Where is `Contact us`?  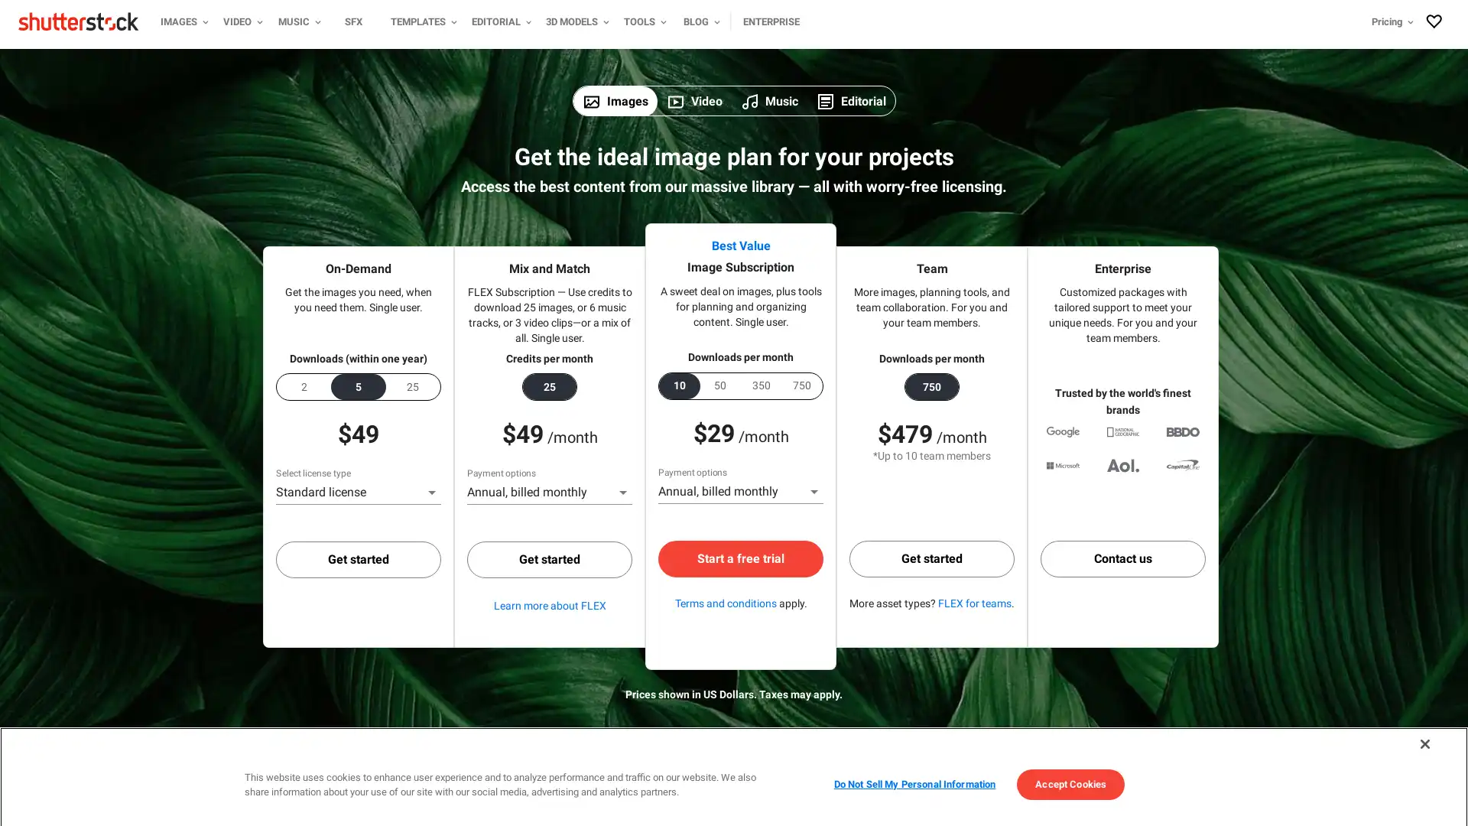
Contact us is located at coordinates (1122, 559).